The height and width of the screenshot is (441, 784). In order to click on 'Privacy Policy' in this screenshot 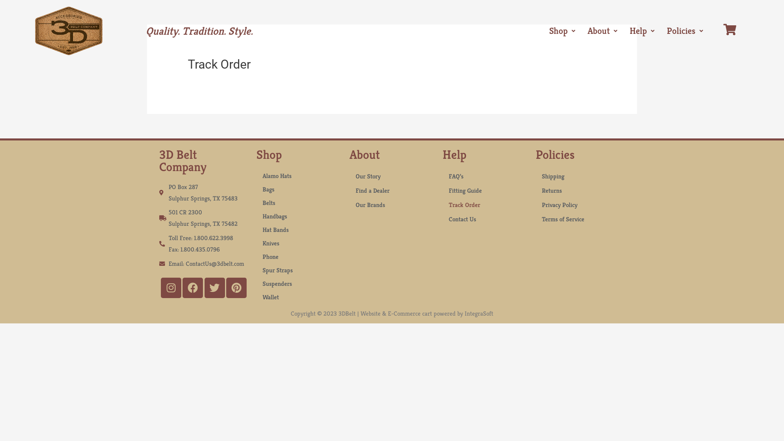, I will do `click(578, 204)`.